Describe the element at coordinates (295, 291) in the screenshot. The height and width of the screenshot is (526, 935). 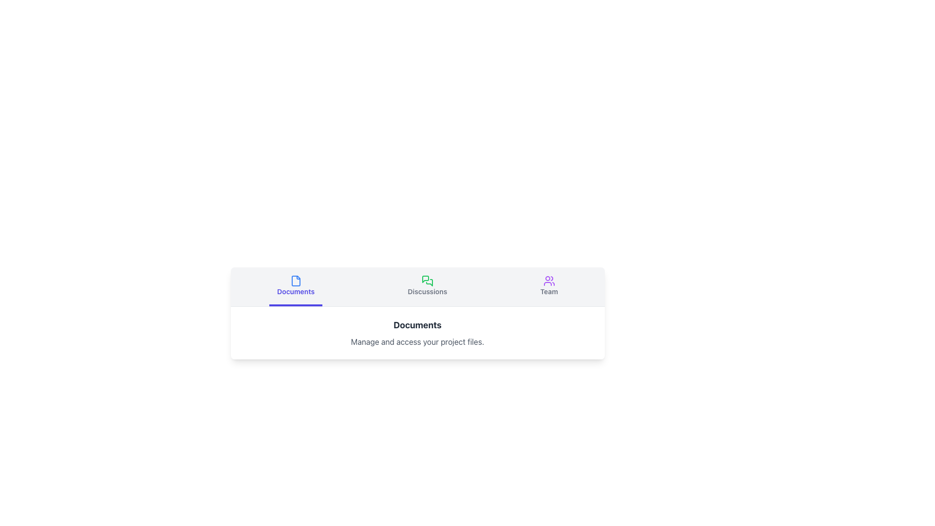
I see `the 'Documents' label located beneath the file-like icon` at that location.